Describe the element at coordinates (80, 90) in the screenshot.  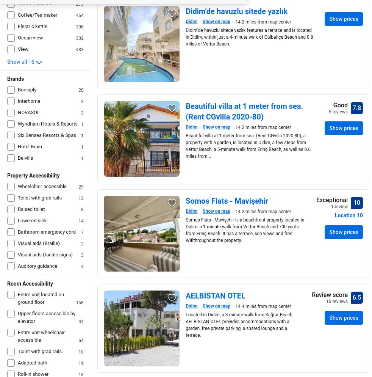
I see `'20'` at that location.